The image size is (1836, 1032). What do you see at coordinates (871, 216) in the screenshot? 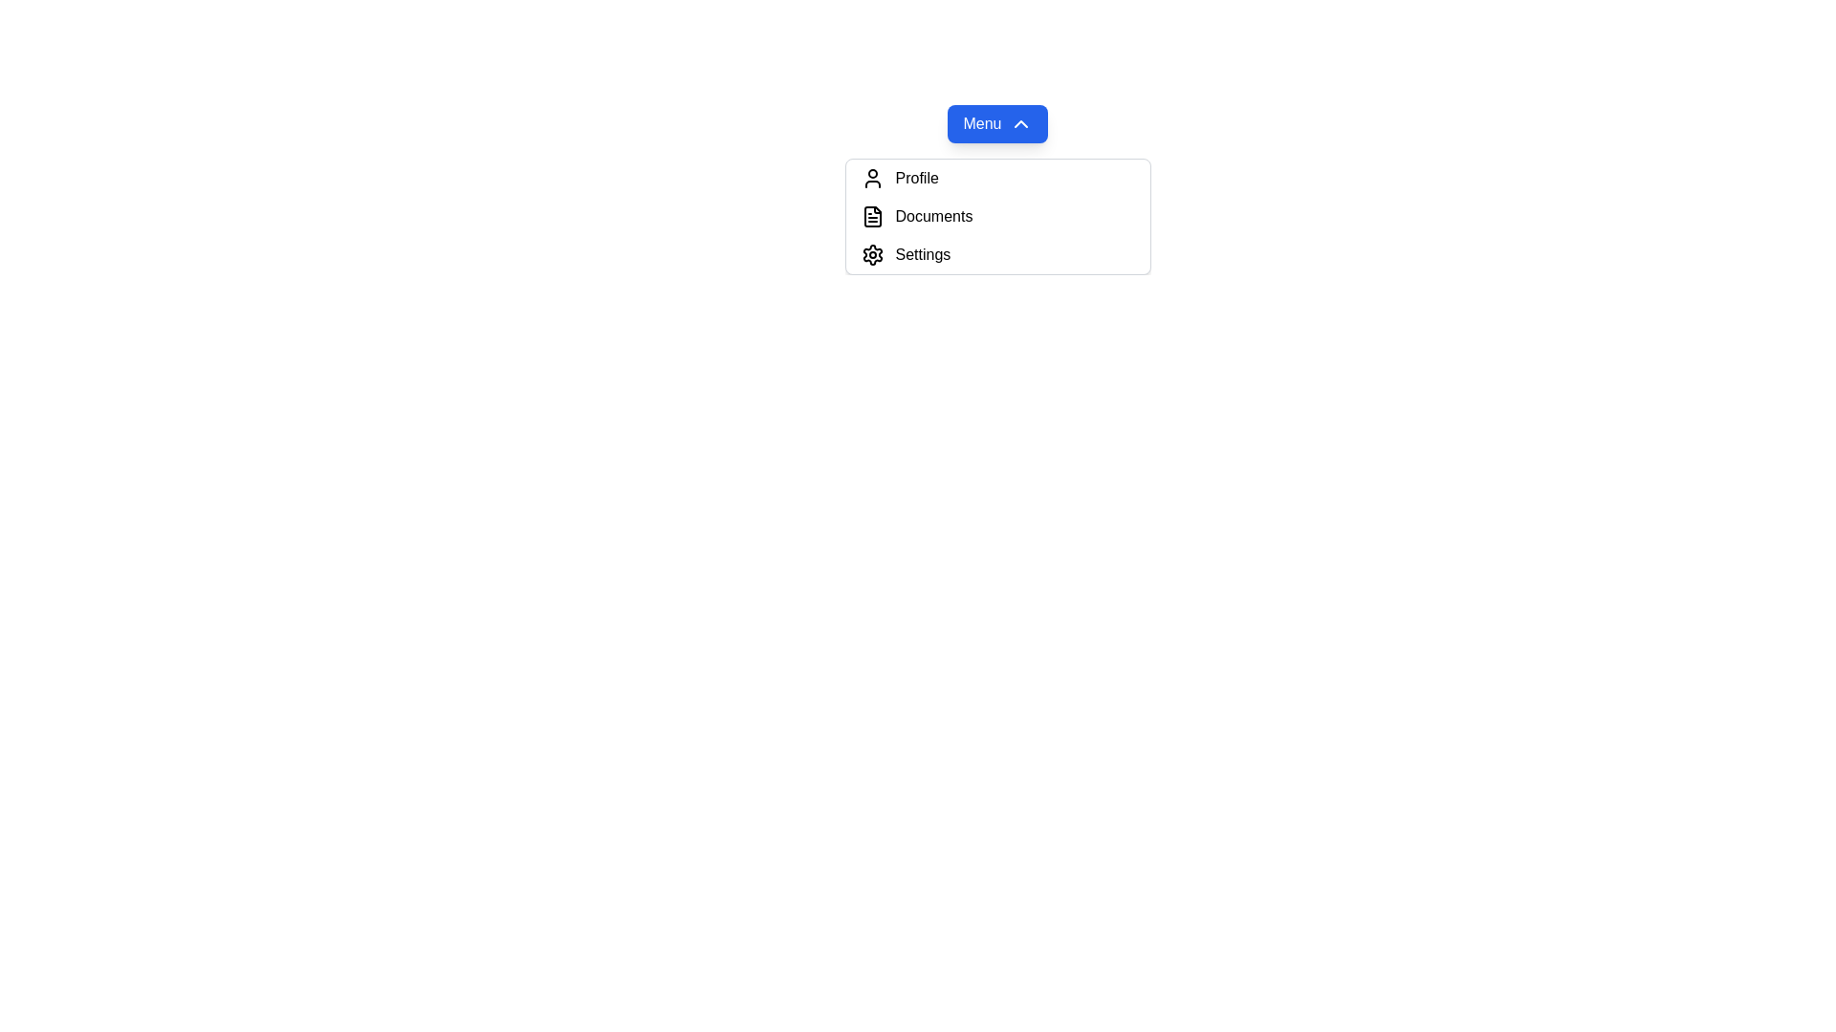
I see `the document icon located beside the 'Documents' text in the vertical menu list` at bounding box center [871, 216].